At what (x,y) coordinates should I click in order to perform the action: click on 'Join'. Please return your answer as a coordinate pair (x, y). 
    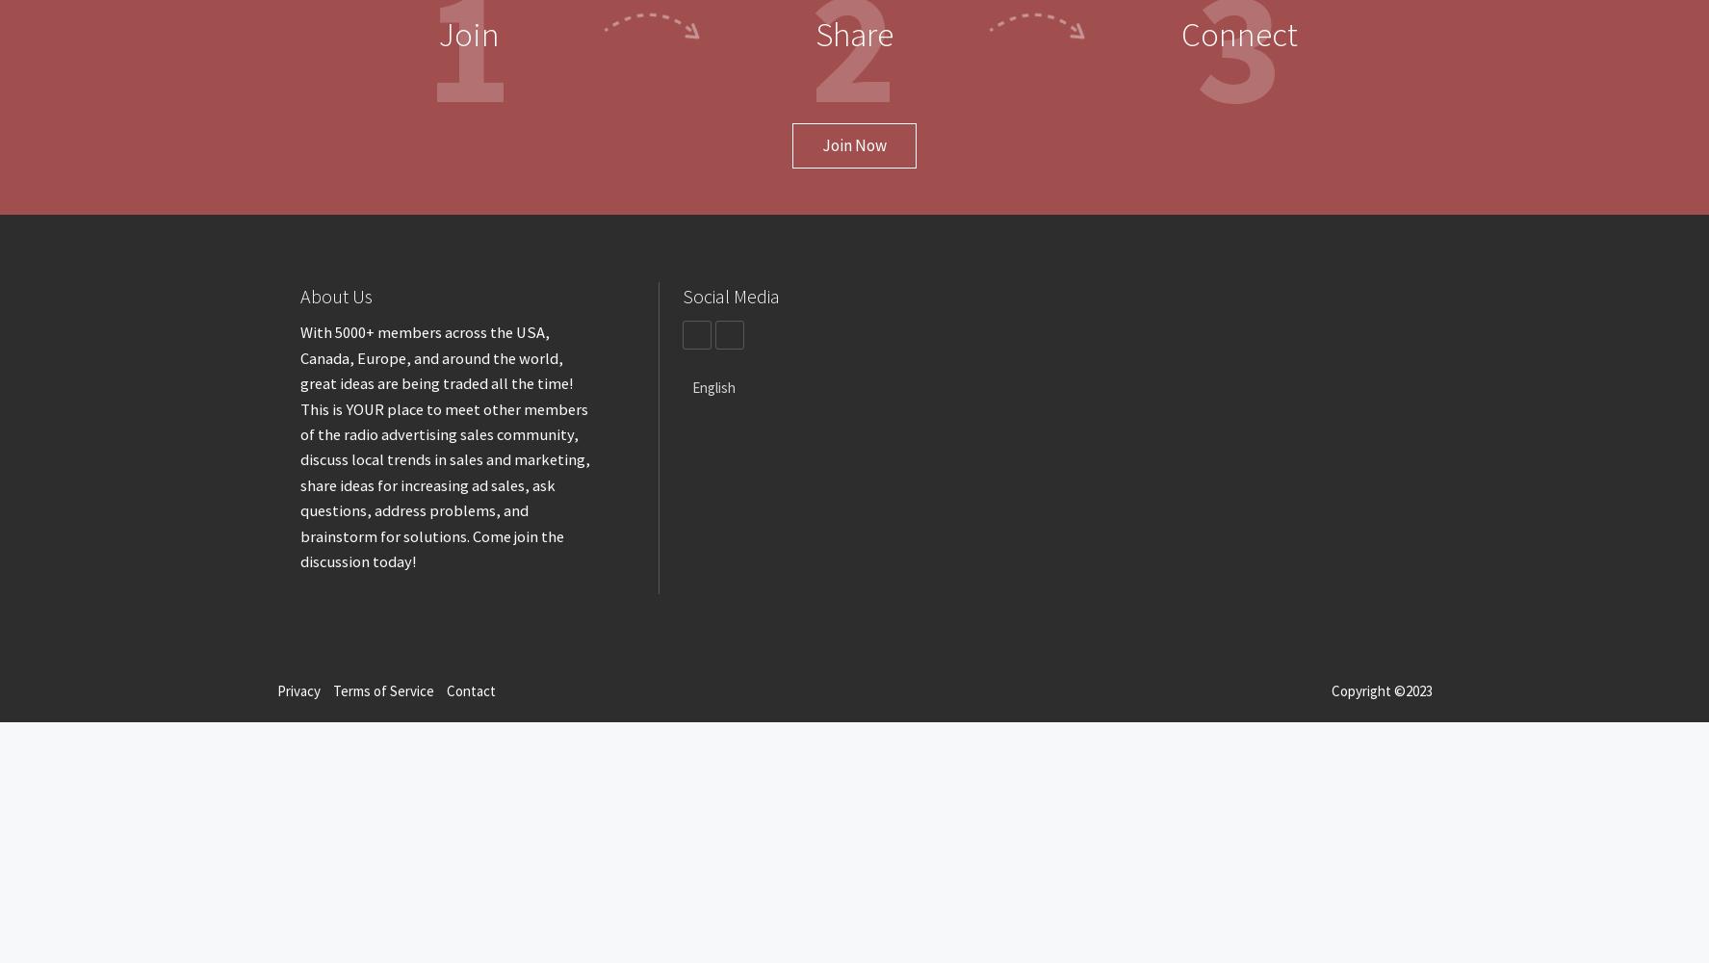
    Looking at the image, I should click on (467, 35).